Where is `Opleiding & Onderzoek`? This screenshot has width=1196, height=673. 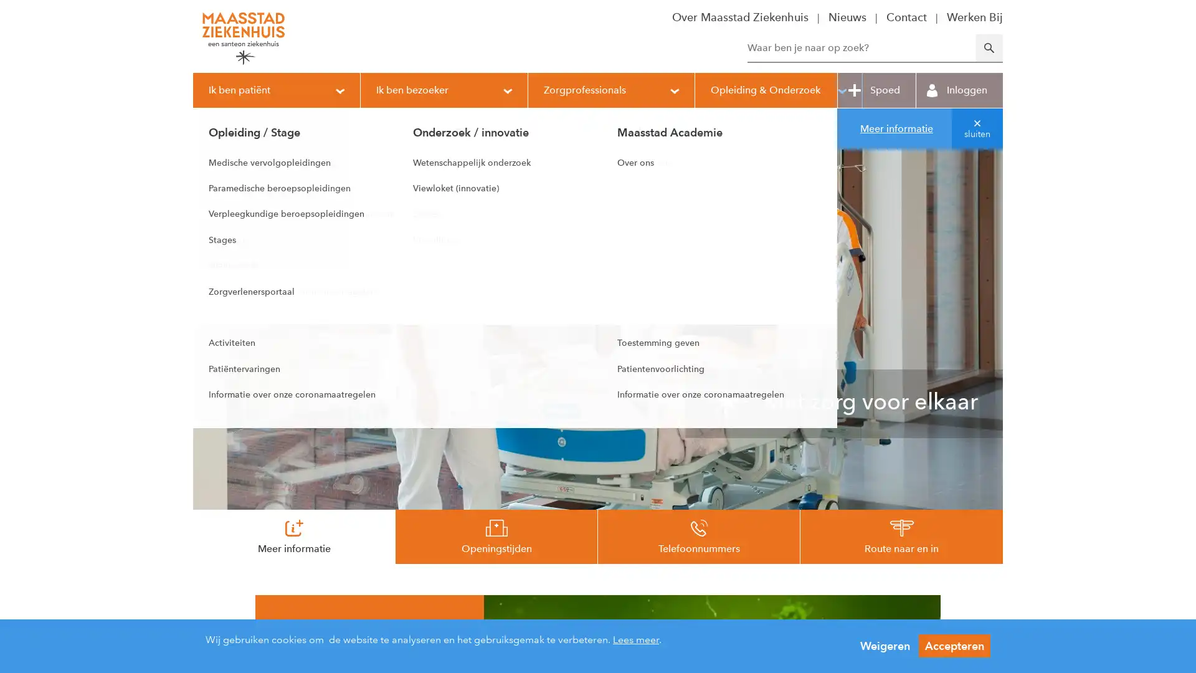
Opleiding & Onderzoek is located at coordinates (777, 90).